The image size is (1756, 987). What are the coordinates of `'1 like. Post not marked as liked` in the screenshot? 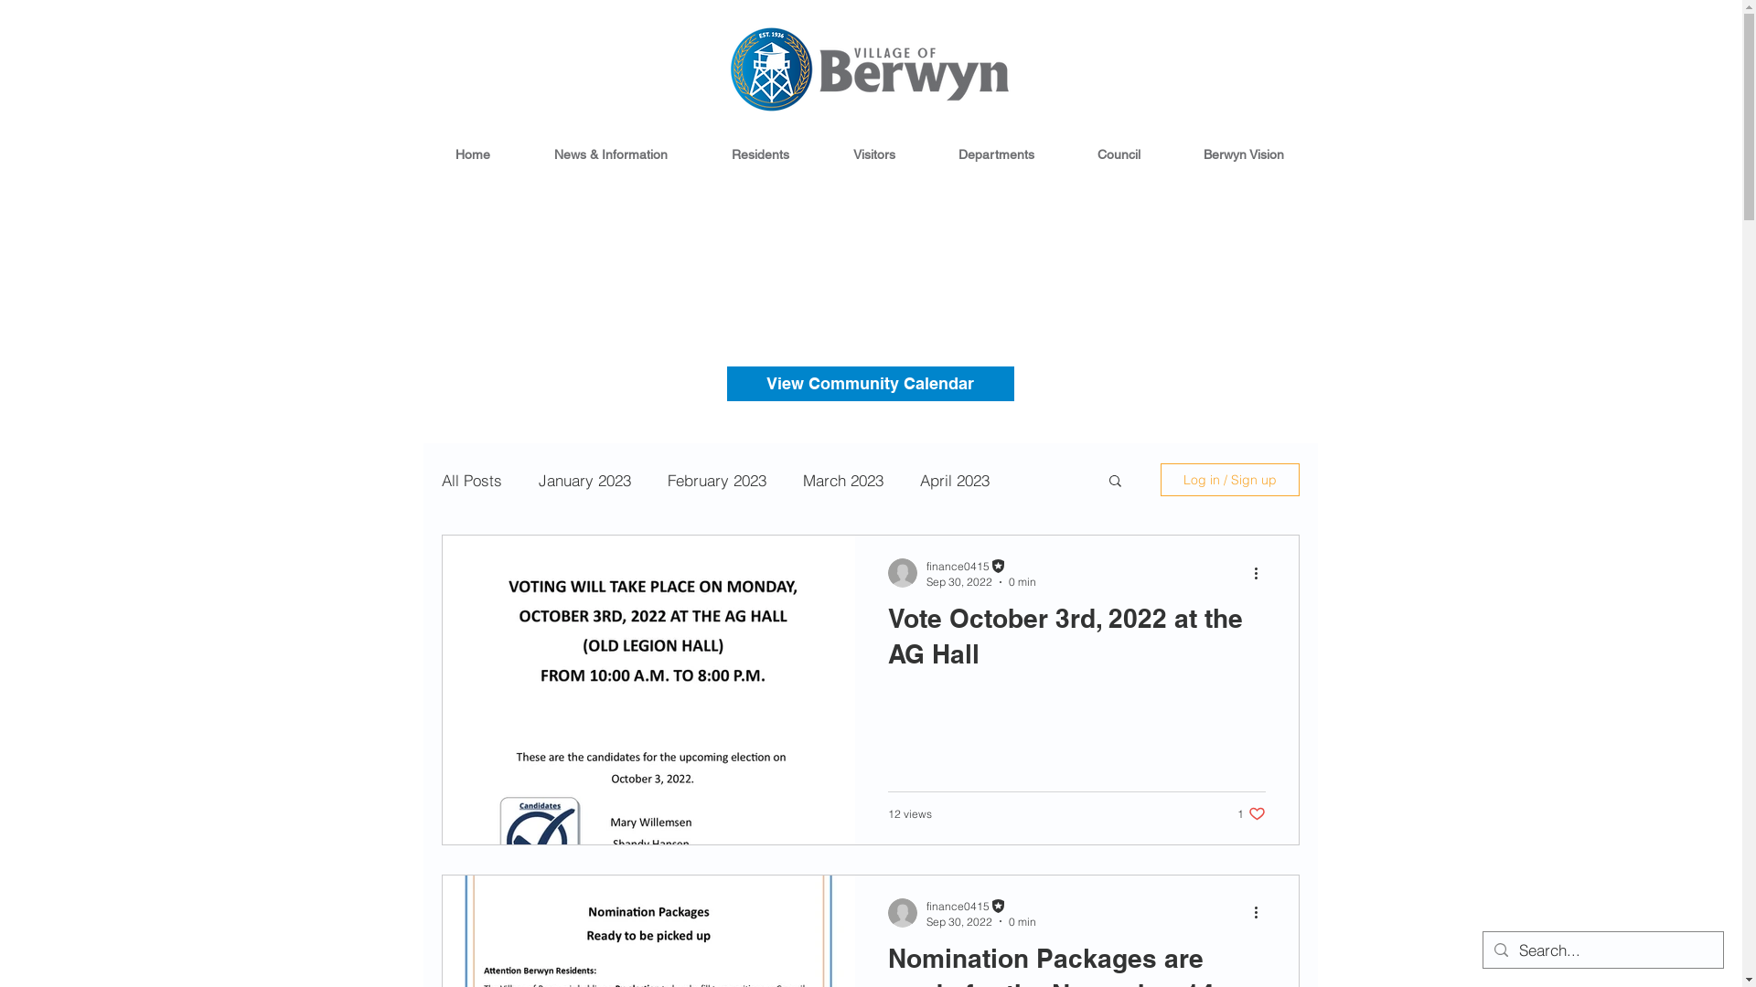 It's located at (1249, 812).